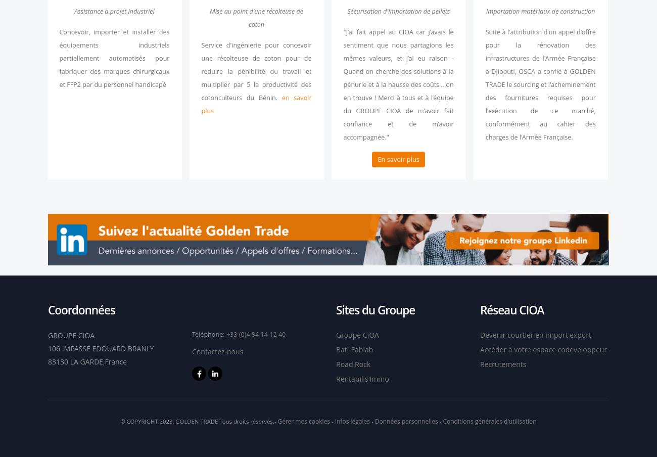 This screenshot has height=457, width=657. What do you see at coordinates (199, 420) in the screenshot?
I see `'© COPYRIGHT 2023. GOLDEN TRADE Tous droits réservés.-'` at bounding box center [199, 420].